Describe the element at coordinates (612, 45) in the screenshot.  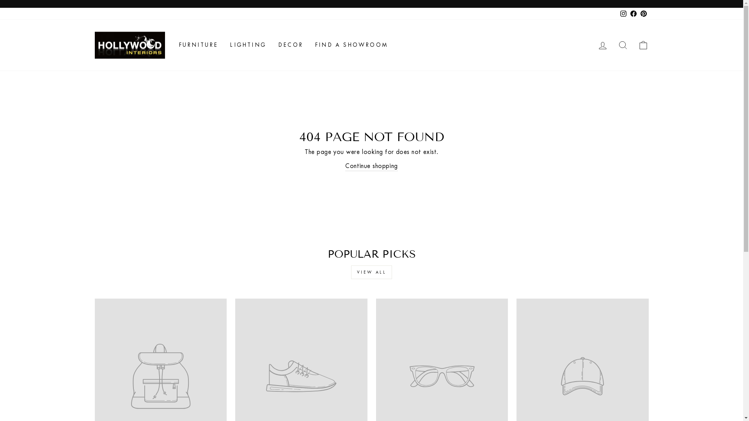
I see `'SEARCH'` at that location.